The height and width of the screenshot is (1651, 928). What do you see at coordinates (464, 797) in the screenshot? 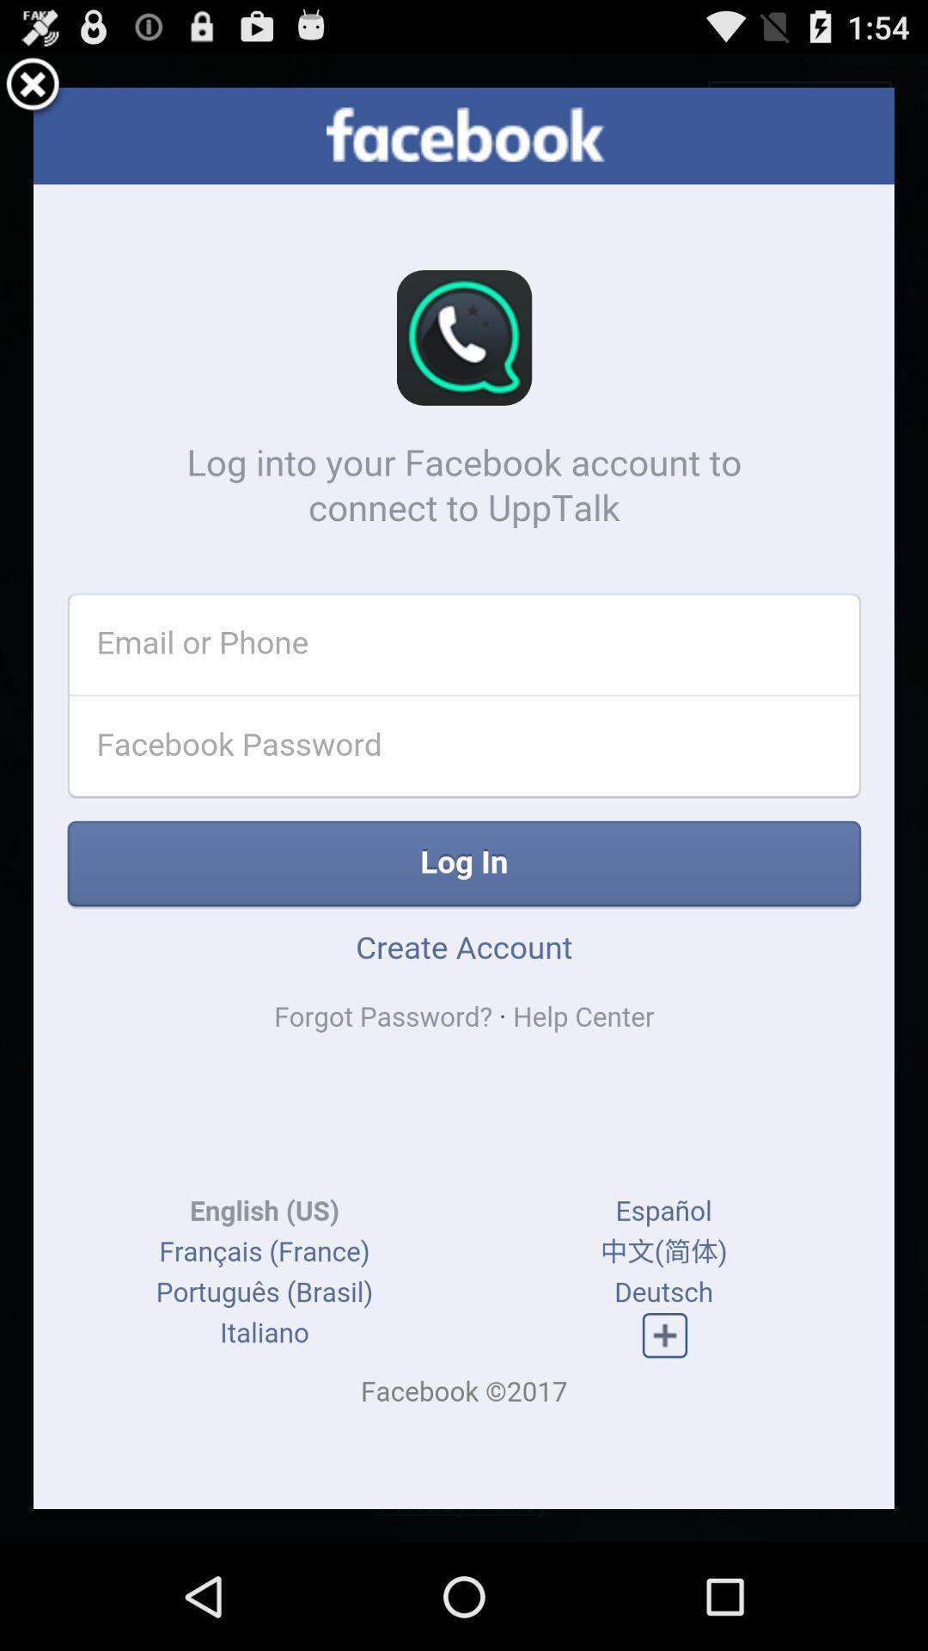
I see `facebook login or create page` at bounding box center [464, 797].